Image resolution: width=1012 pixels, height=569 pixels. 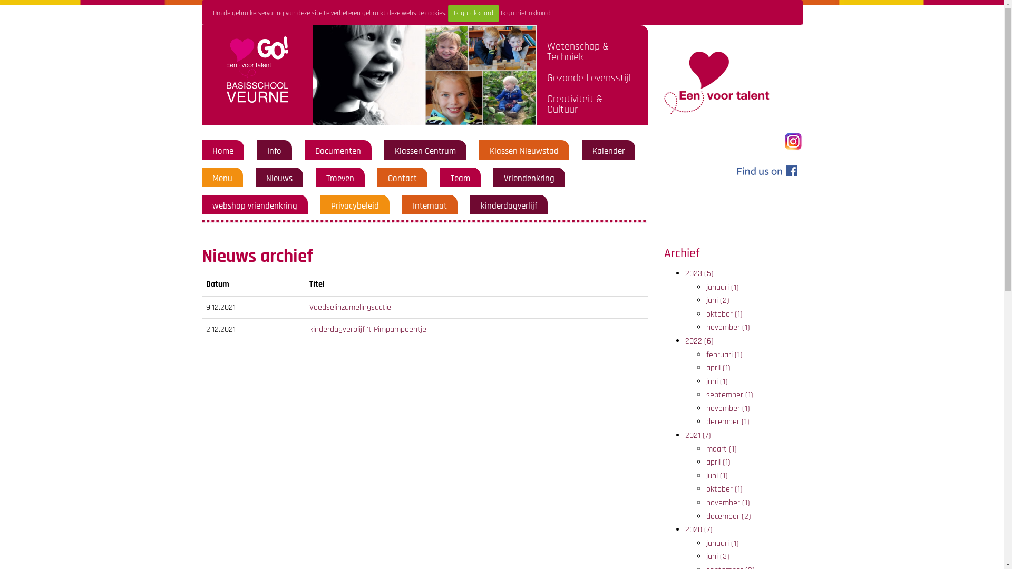 What do you see at coordinates (727, 408) in the screenshot?
I see `'november (1)'` at bounding box center [727, 408].